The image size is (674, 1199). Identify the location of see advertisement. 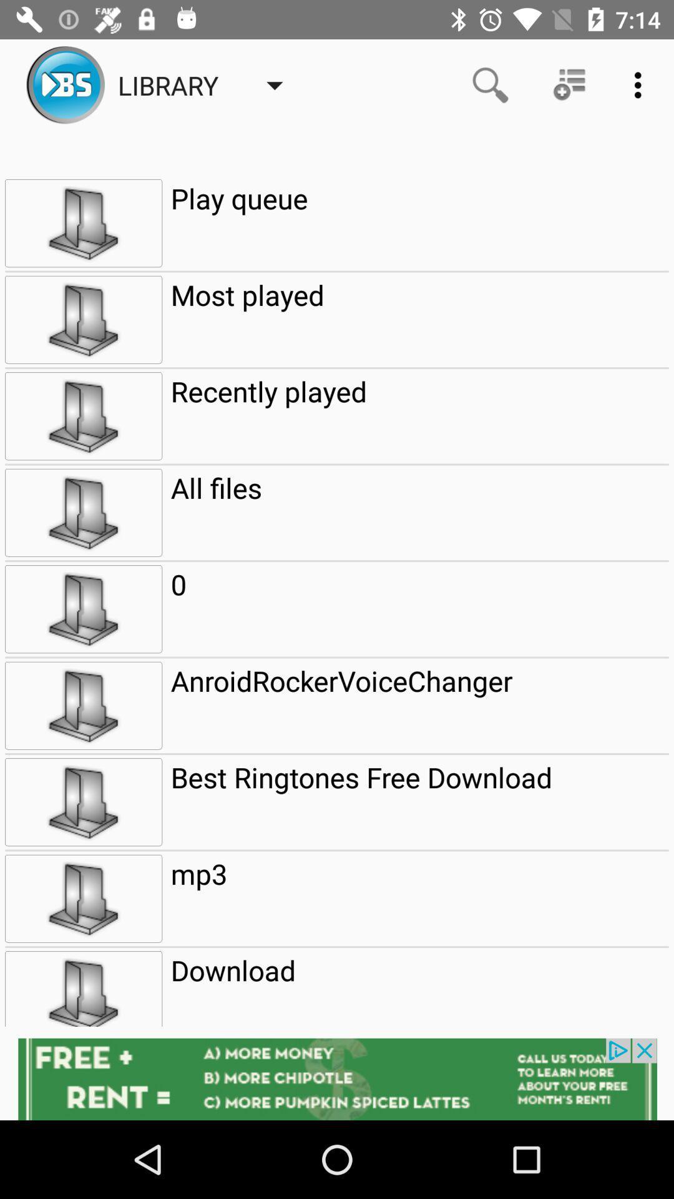
(337, 1078).